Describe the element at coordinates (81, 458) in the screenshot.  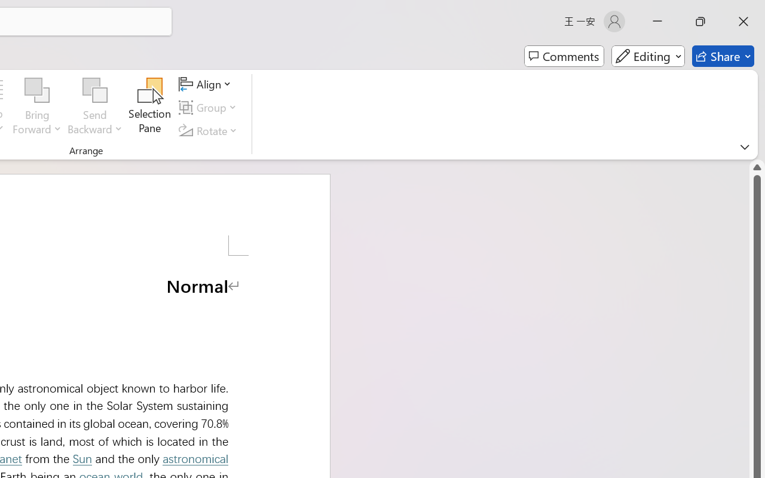
I see `'Sun'` at that location.